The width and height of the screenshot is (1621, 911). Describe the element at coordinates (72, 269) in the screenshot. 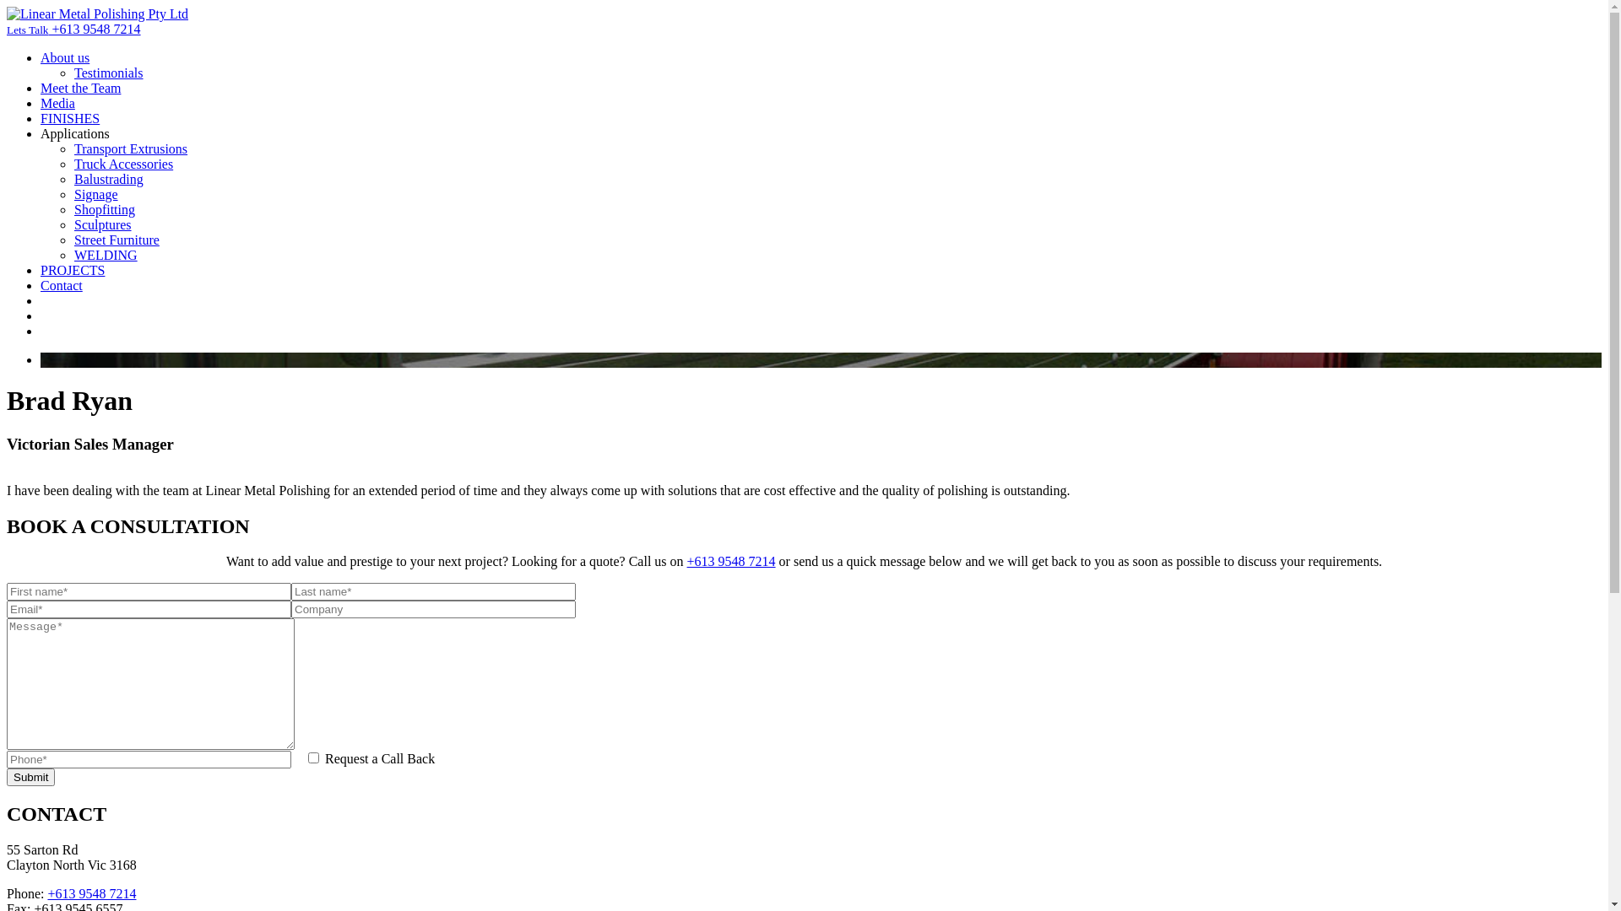

I see `'PROJECTS'` at that location.